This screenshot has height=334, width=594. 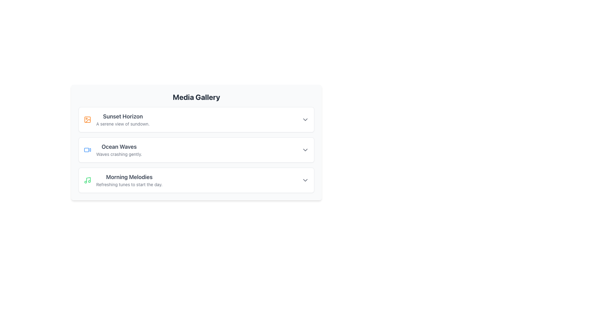 What do you see at coordinates (129, 177) in the screenshot?
I see `the 'Morning Melodies' static text label, which serves as the title in the Media Gallery, located in the third row with a music note icon to its left` at bounding box center [129, 177].